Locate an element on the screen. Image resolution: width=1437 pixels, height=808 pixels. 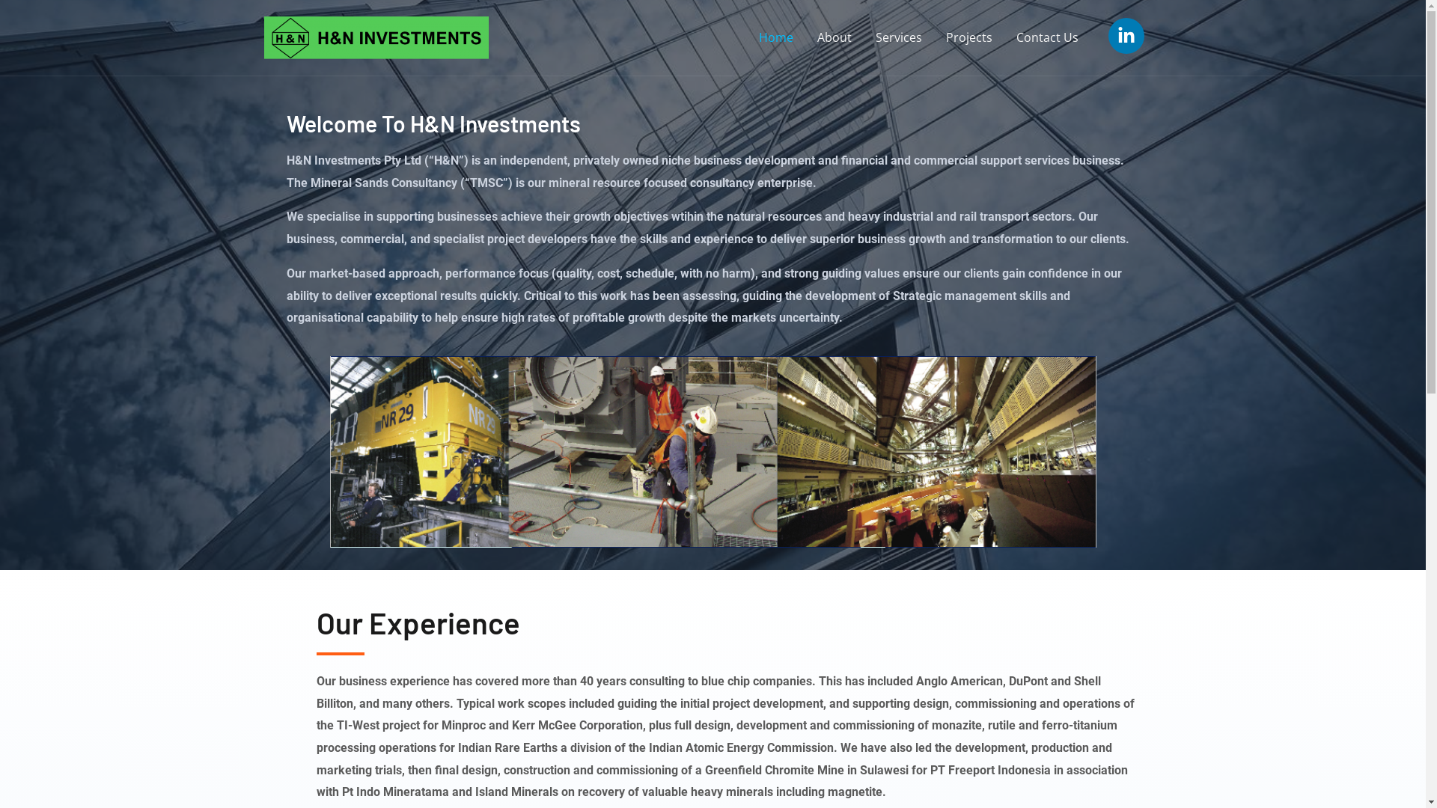
'Contact Us' is located at coordinates (1046, 37).